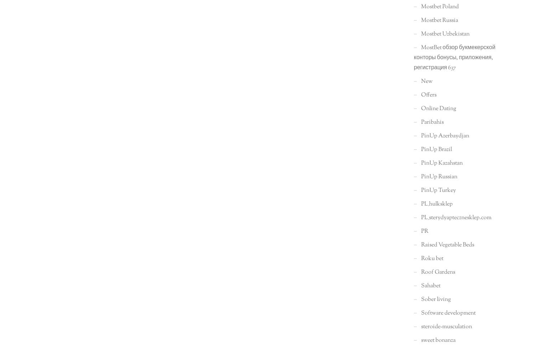 The height and width of the screenshot is (349, 556). Describe the element at coordinates (421, 313) in the screenshot. I see `'Software development'` at that location.